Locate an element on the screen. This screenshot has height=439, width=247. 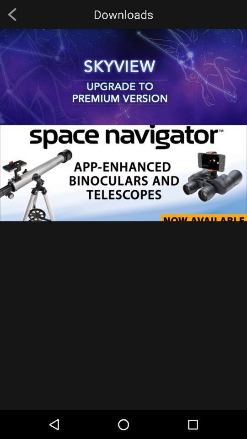
the app to the left of downloads is located at coordinates (11, 14).